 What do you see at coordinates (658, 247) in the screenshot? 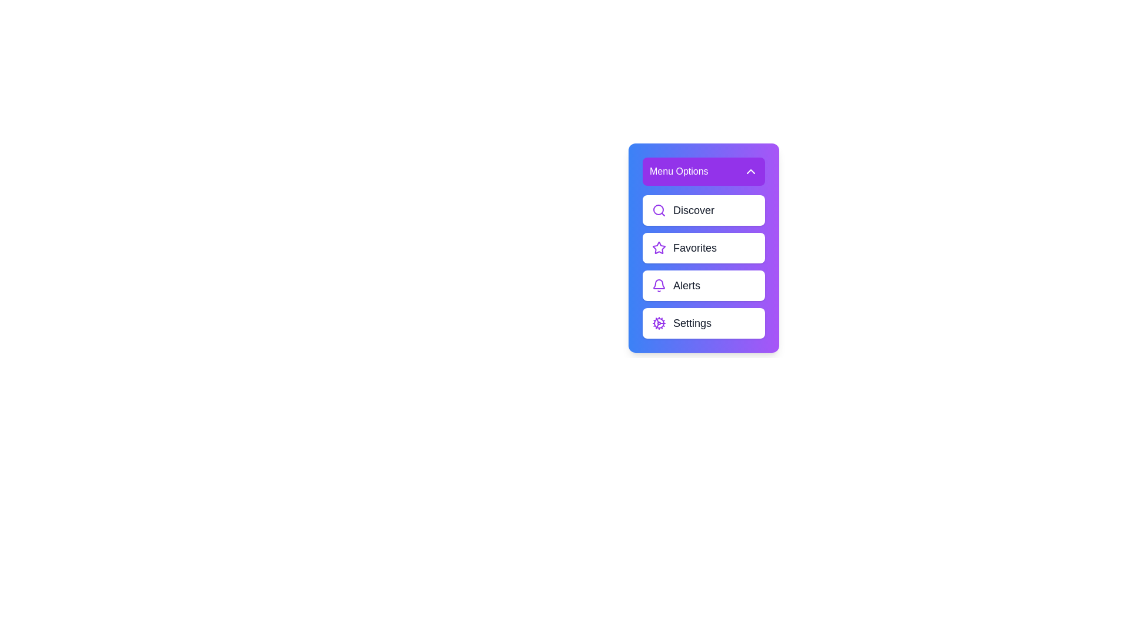
I see `the star-shaped icon with a purple border and hollow interior, which is the second item in the vertical menu next to the 'Favorites' label` at bounding box center [658, 247].